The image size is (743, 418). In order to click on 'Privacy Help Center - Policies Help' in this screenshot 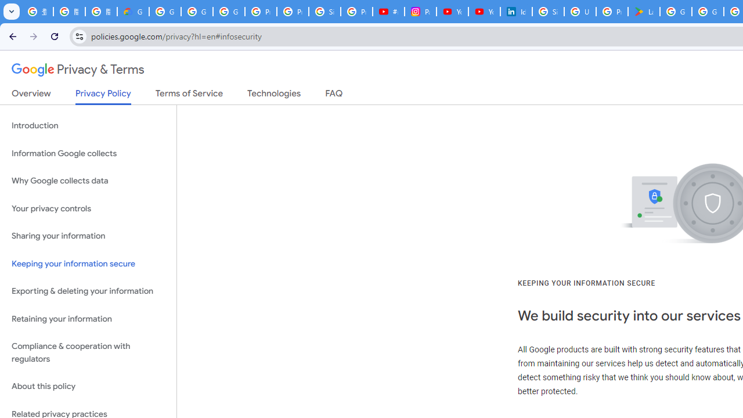, I will do `click(293, 12)`.